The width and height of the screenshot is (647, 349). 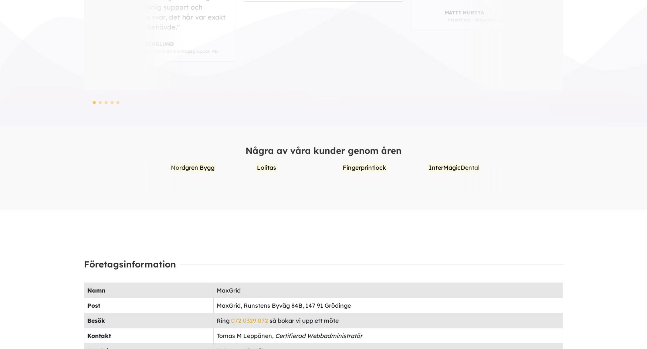 I want to click on 'Lolitas', so click(x=114, y=167).